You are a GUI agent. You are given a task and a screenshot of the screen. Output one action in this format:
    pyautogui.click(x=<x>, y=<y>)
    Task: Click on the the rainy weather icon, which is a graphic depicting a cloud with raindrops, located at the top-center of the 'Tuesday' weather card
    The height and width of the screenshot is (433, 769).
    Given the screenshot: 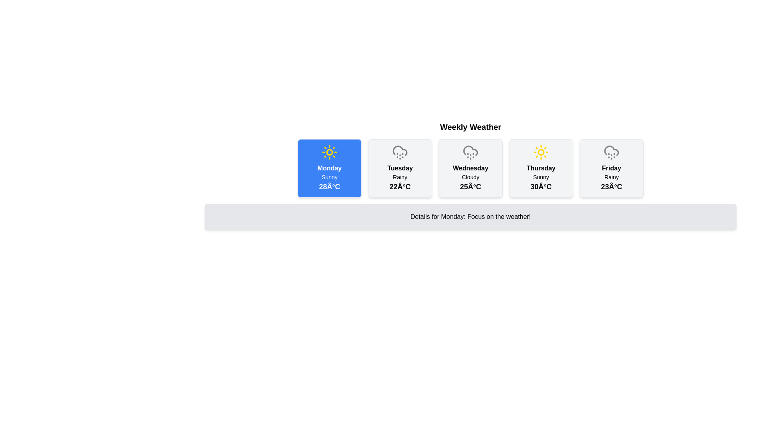 What is the action you would take?
    pyautogui.click(x=400, y=152)
    